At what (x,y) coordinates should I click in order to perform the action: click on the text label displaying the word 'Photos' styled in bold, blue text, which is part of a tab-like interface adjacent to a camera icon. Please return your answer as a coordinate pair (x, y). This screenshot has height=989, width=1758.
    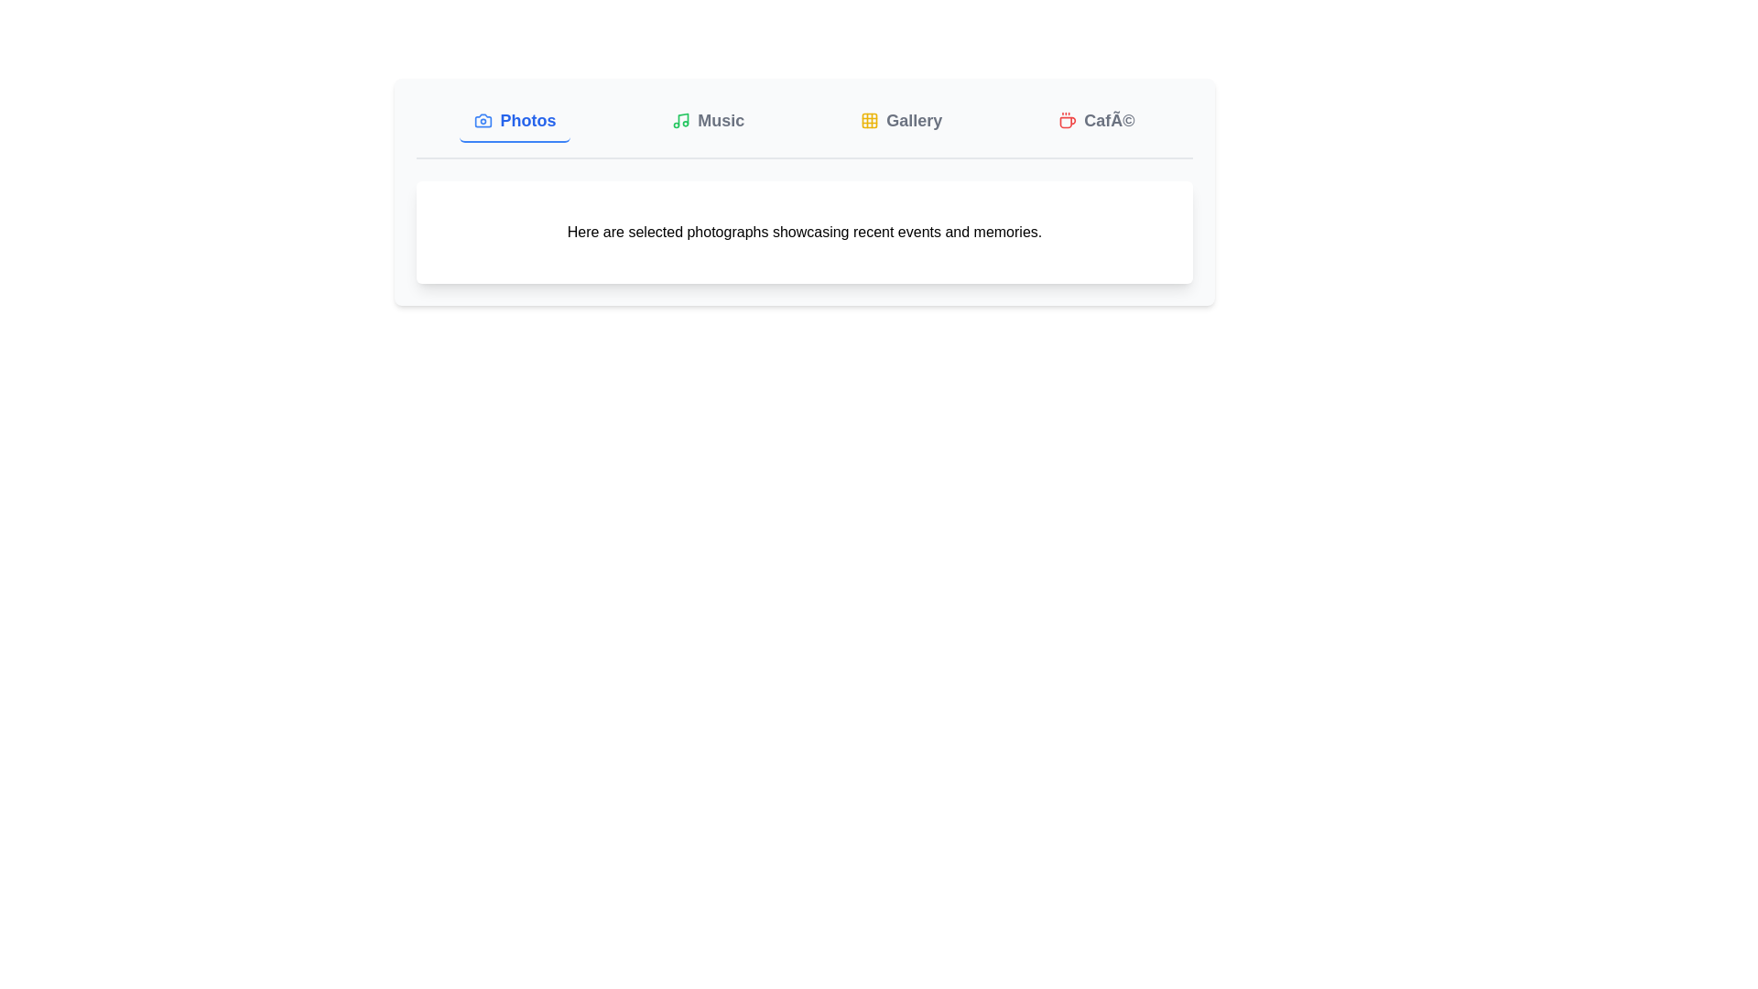
    Looking at the image, I should click on (526, 120).